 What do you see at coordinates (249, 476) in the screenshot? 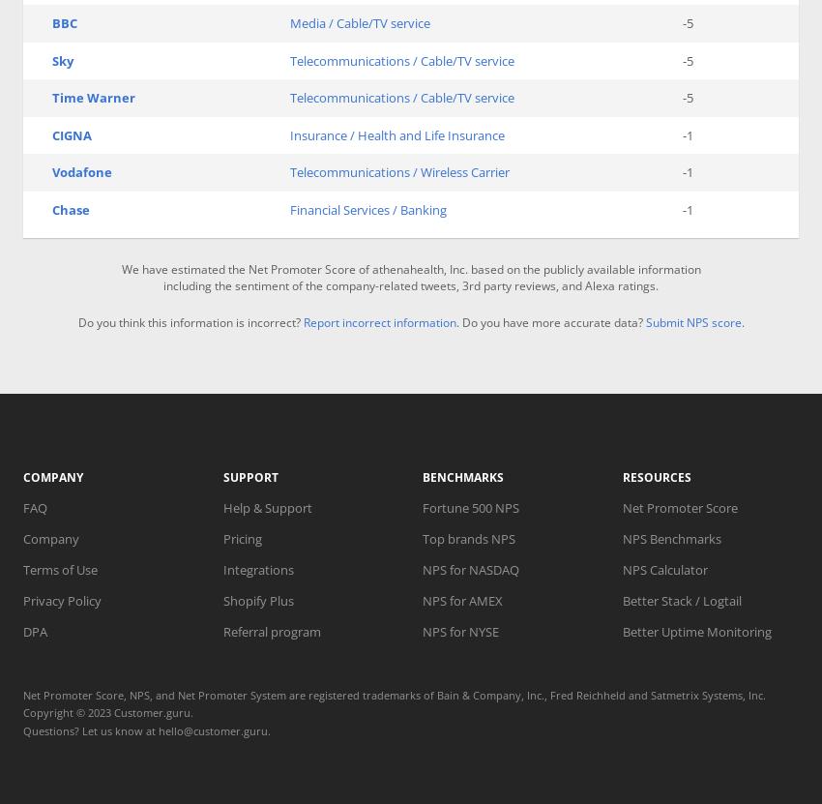
I see `'Support'` at bounding box center [249, 476].